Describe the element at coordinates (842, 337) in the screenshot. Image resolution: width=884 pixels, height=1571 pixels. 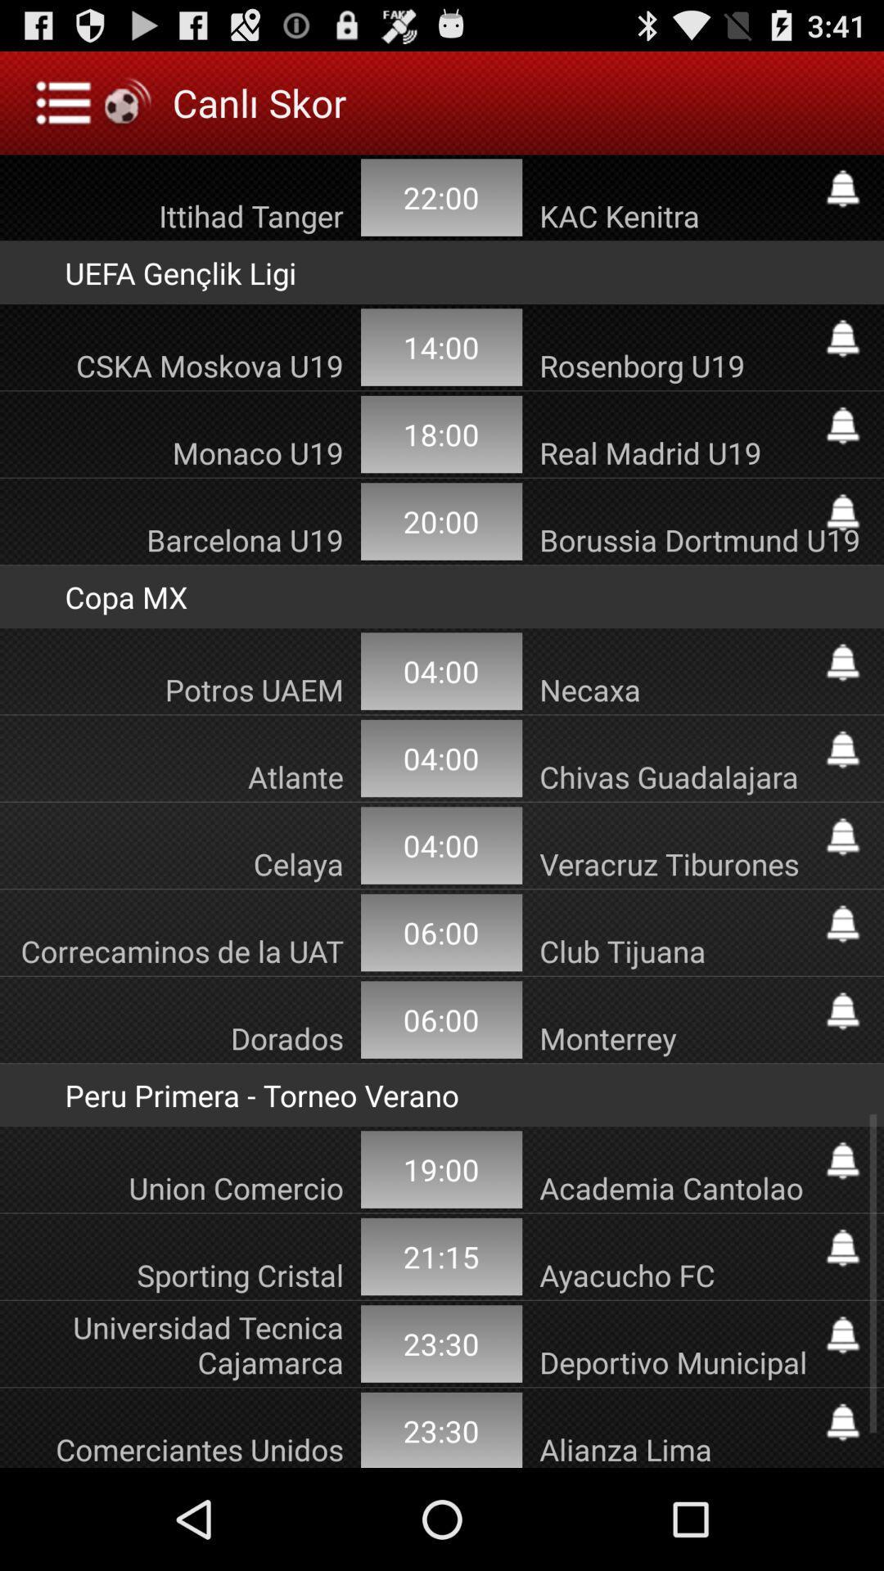
I see `sets an alert for sports game` at that location.